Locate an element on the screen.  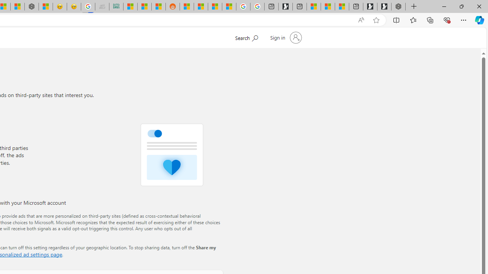
'Play Free Online Games | Games from Microsoft Start' is located at coordinates (384, 6).